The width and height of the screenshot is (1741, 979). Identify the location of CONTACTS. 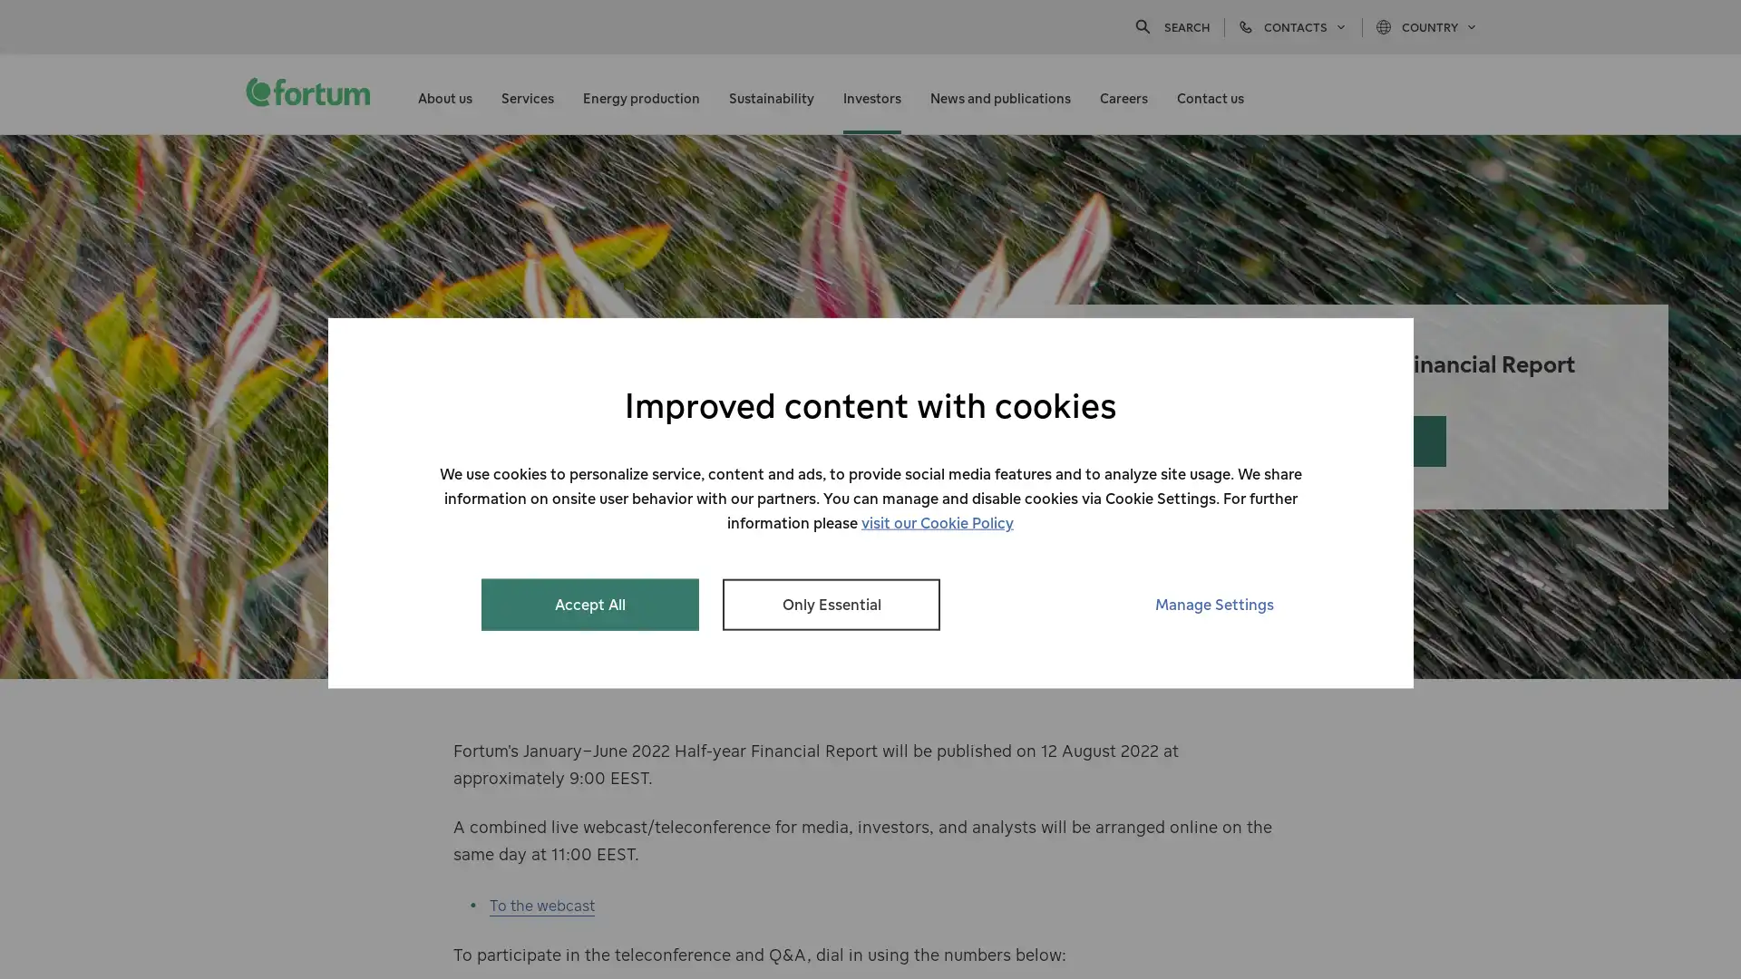
(1291, 26).